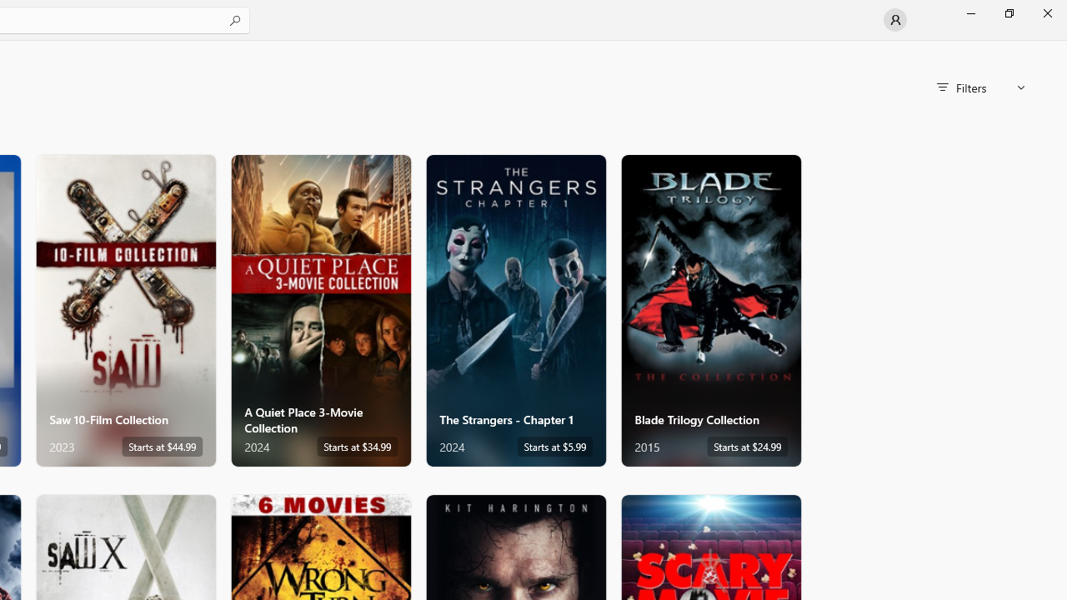 This screenshot has height=600, width=1067. I want to click on 'Blade Trilogy Collection. Starts at $24.99  ', so click(711, 310).